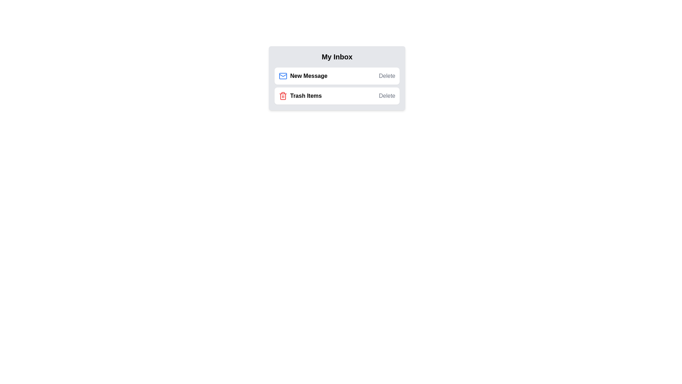 The width and height of the screenshot is (682, 384). I want to click on the 'Delete' button for Trash Items, so click(386, 96).